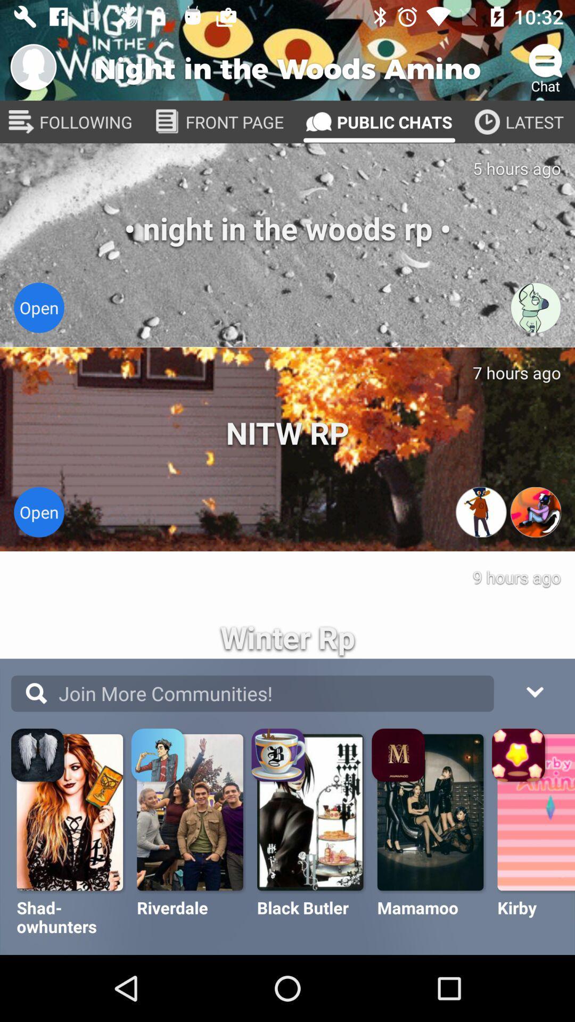 The width and height of the screenshot is (575, 1022). Describe the element at coordinates (534, 690) in the screenshot. I see `the expand_more icon` at that location.